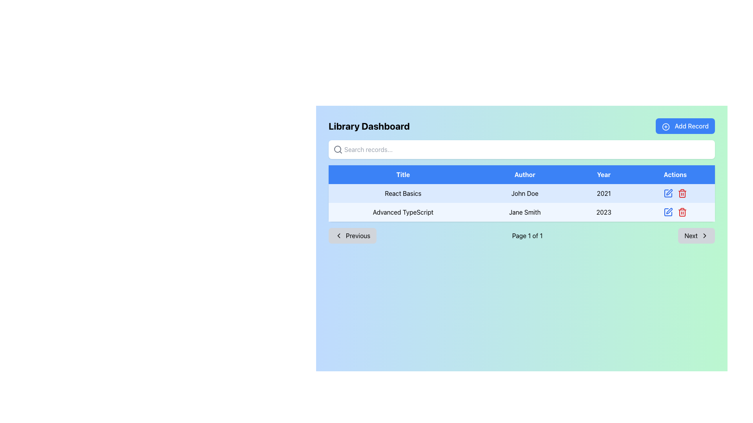  I want to click on the blue pen icon button located on the right side of the 'React Basics' row in the 'Actions' column, so click(668, 193).